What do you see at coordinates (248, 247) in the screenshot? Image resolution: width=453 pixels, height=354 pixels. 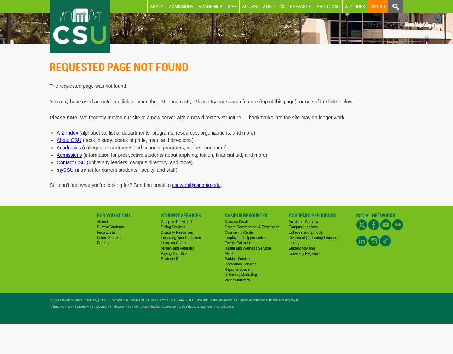 I see `'Health and Wellness Services'` at bounding box center [248, 247].